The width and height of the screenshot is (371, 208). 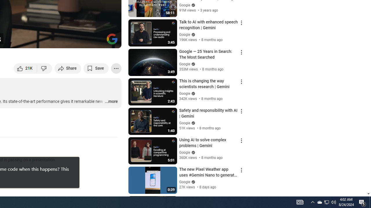 What do you see at coordinates (25, 68) in the screenshot?
I see `'like this video along with 21,118 other people'` at bounding box center [25, 68].